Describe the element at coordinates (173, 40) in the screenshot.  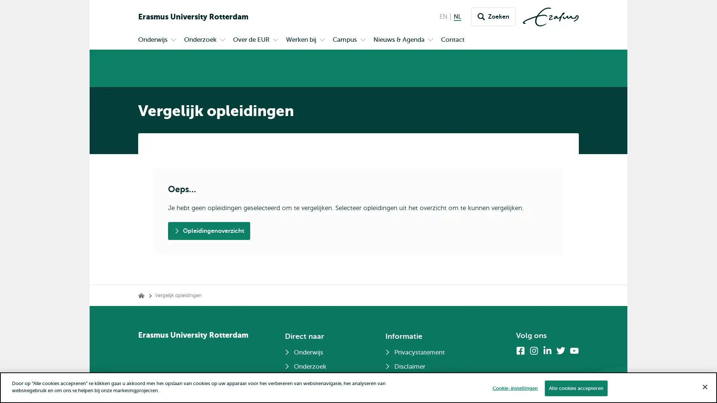
I see `Open submenu` at that location.